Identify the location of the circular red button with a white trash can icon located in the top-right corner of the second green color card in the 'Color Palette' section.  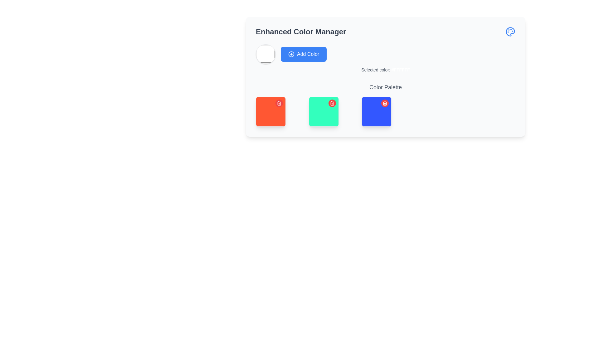
(332, 103).